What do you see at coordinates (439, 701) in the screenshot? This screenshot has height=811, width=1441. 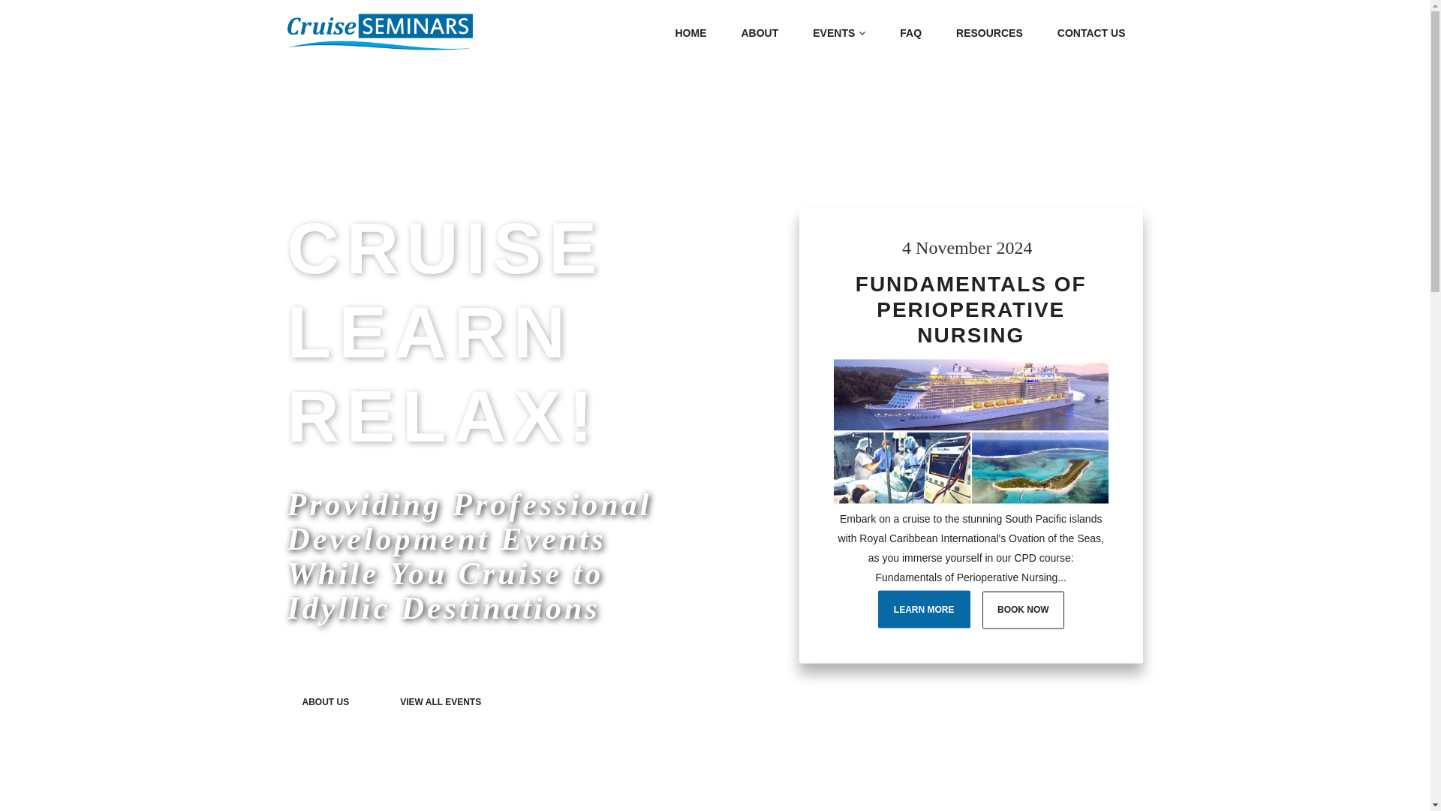 I see `'VIEW ALL EVENTS'` at bounding box center [439, 701].